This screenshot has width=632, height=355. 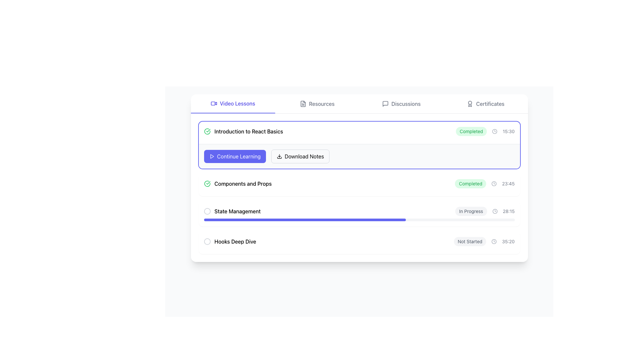 I want to click on the document icon located to the immediate left of the 'Resources' text in the navigation bar by moving the cursor to its center point, so click(x=303, y=104).